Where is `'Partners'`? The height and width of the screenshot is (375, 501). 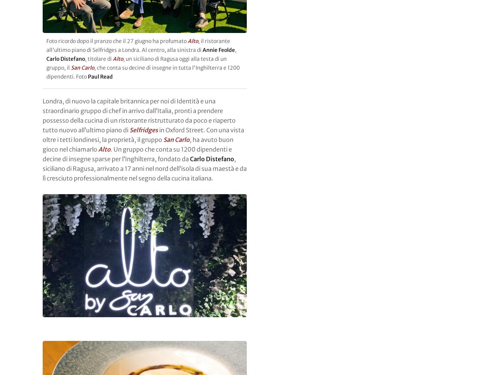
'Partners' is located at coordinates (55, 174).